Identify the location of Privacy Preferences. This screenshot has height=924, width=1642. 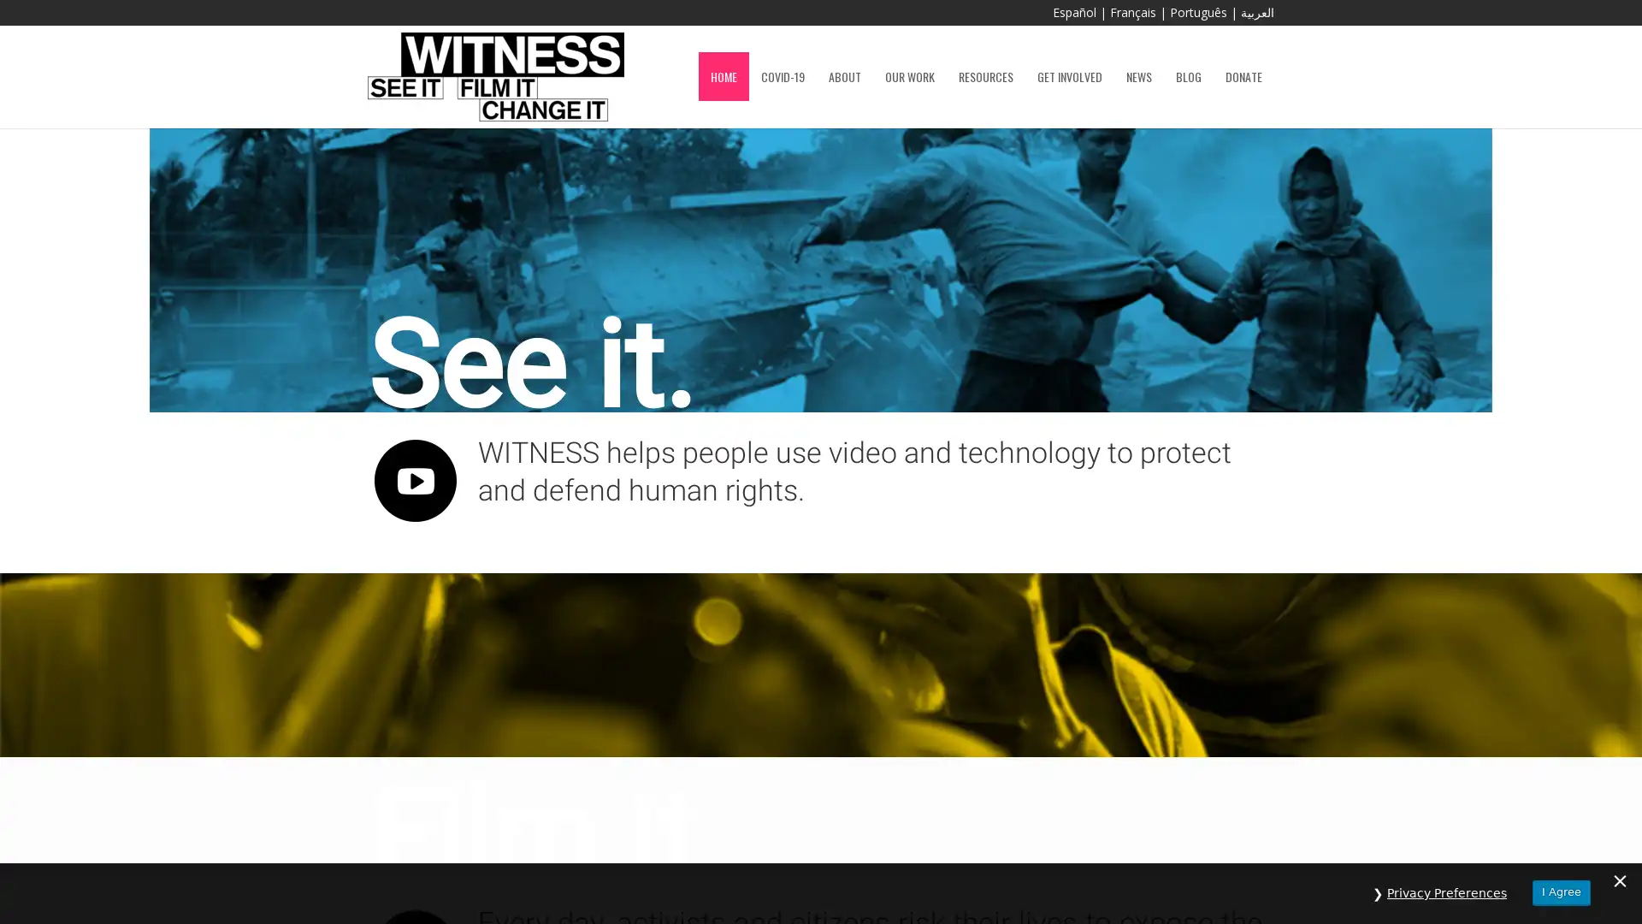
(1446, 892).